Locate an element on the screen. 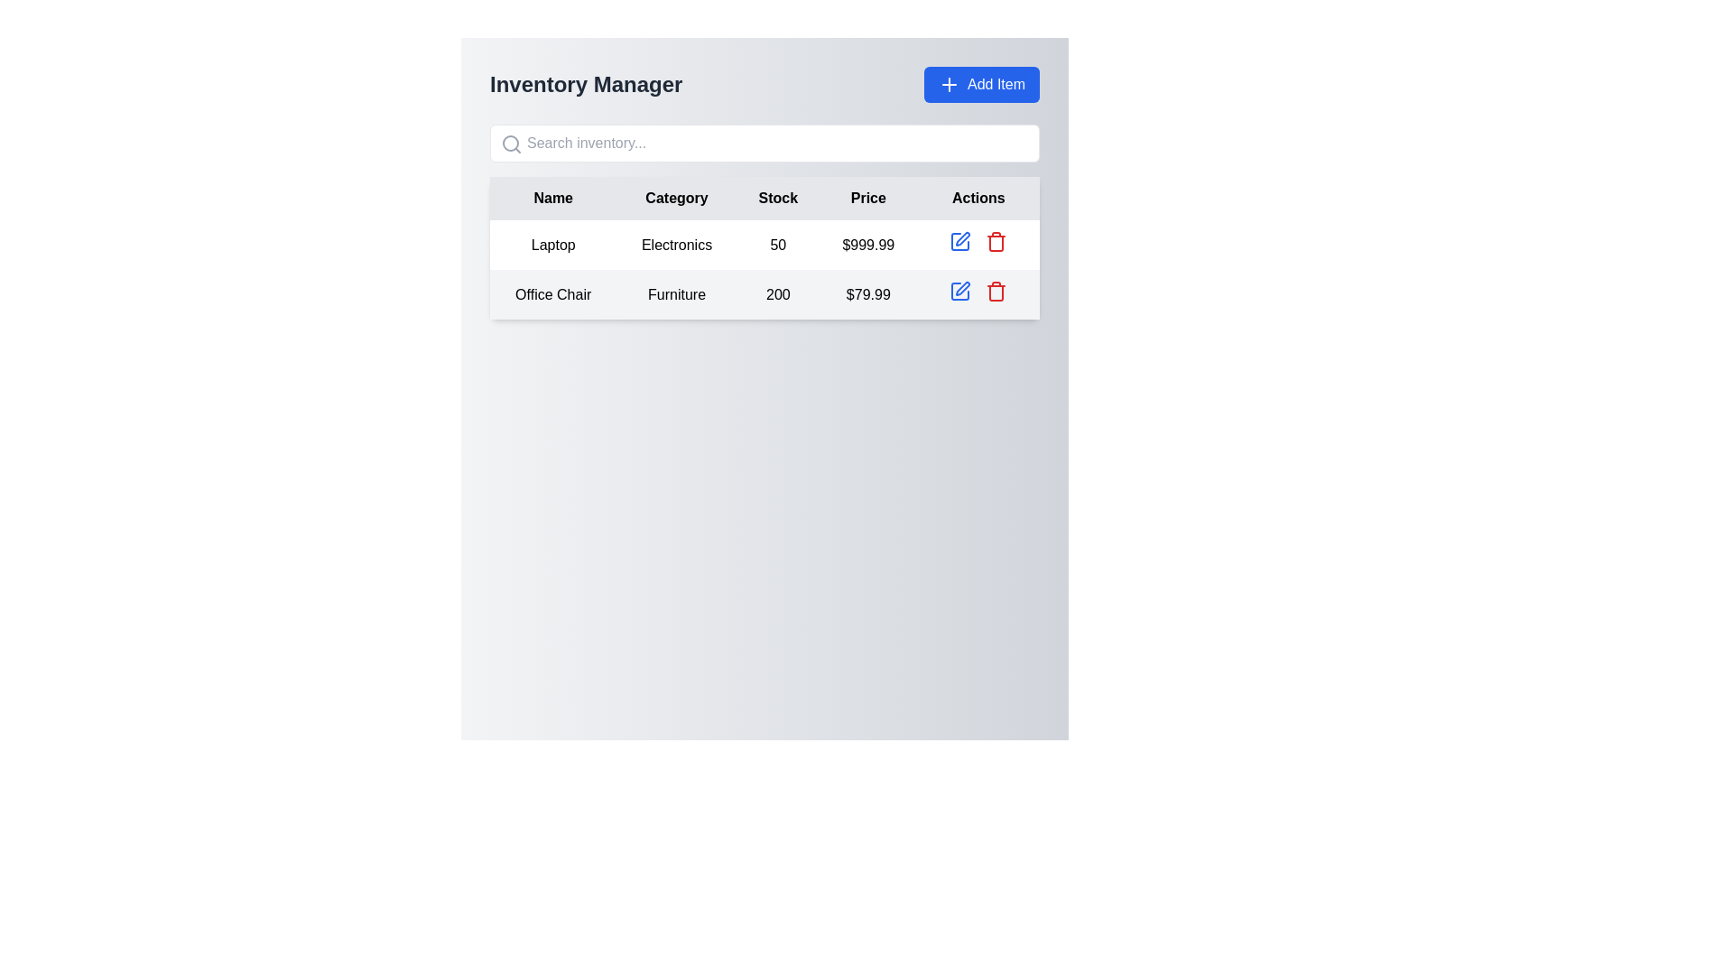 The width and height of the screenshot is (1733, 975). the 'Stock' column header in the 'Inventory Manager' table, which is the third header in the sequence between 'Category' and 'Price' is located at coordinates (778, 198).